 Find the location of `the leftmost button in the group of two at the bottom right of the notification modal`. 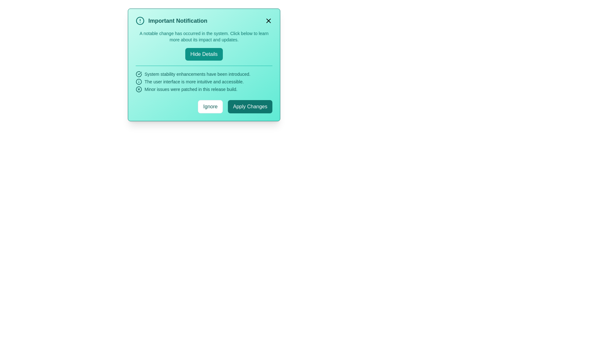

the leftmost button in the group of two at the bottom right of the notification modal is located at coordinates (210, 106).